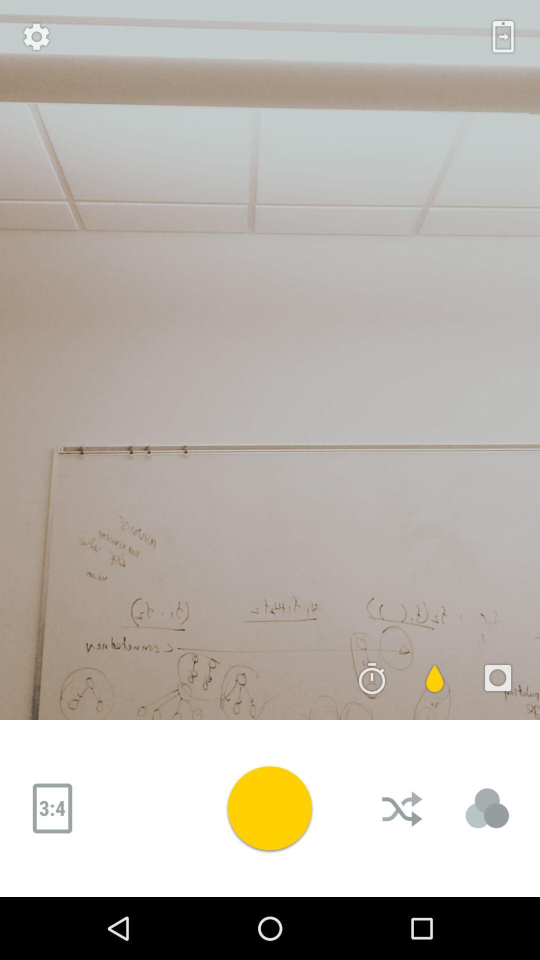 The width and height of the screenshot is (540, 960). What do you see at coordinates (497, 678) in the screenshot?
I see `the photo icon` at bounding box center [497, 678].